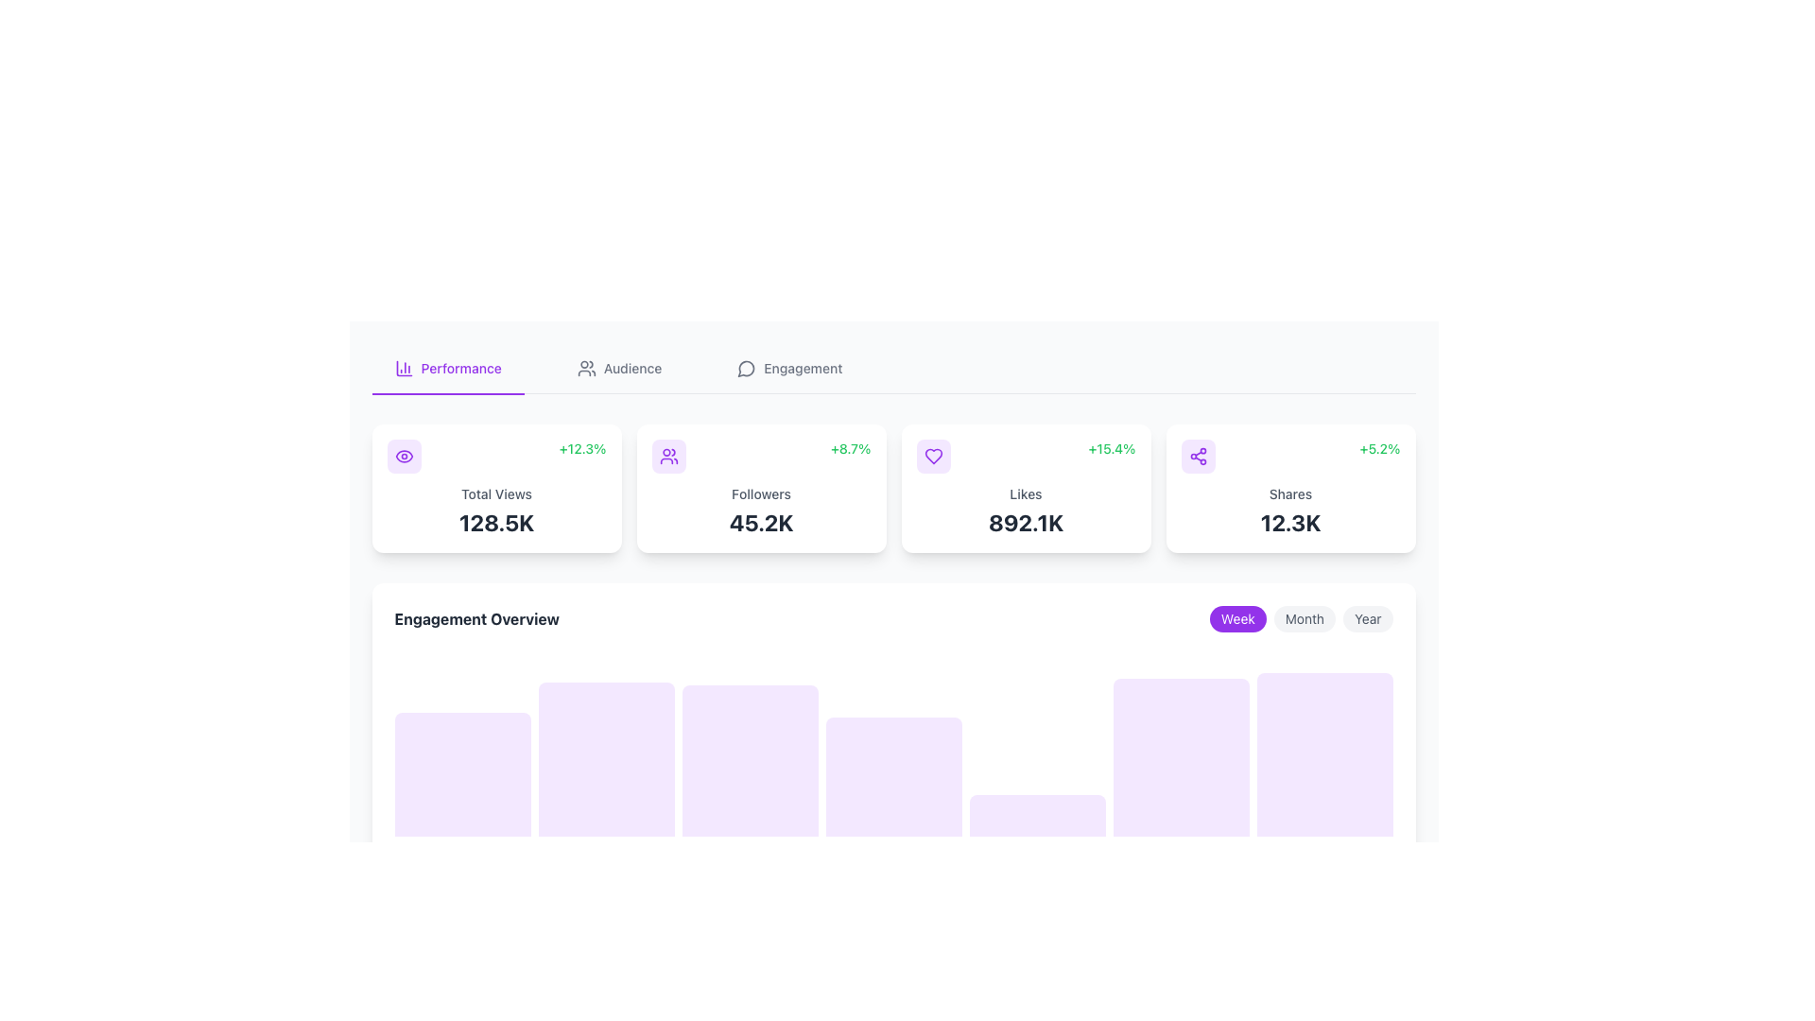  I want to click on the second vertical rectangular block with a light purple background in the 'Engagement Overview' section of the bar chart, so click(606, 758).